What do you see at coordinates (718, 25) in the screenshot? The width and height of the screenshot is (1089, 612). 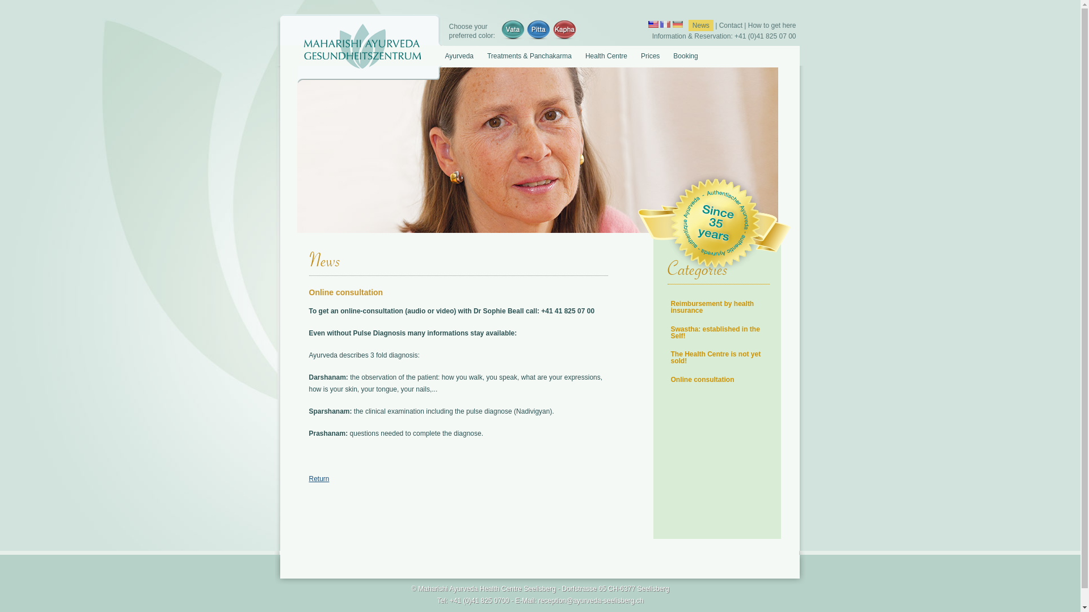 I see `'Contact'` at bounding box center [718, 25].